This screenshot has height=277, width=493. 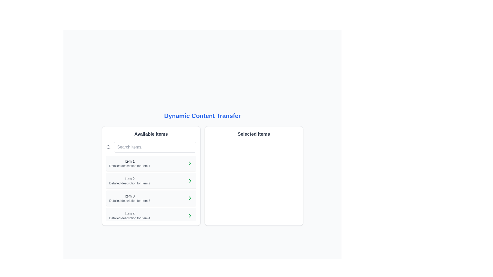 I want to click on displayed information from the Text Display Area containing the title 'Item 2' and its description in the Available Items list, so click(x=130, y=181).